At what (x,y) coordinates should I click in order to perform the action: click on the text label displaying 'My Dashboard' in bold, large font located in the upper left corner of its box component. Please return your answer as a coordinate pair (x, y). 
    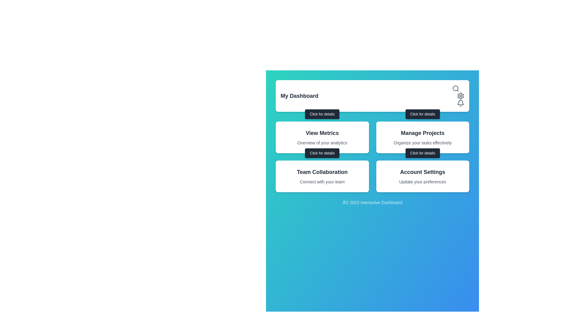
    Looking at the image, I should click on (300, 96).